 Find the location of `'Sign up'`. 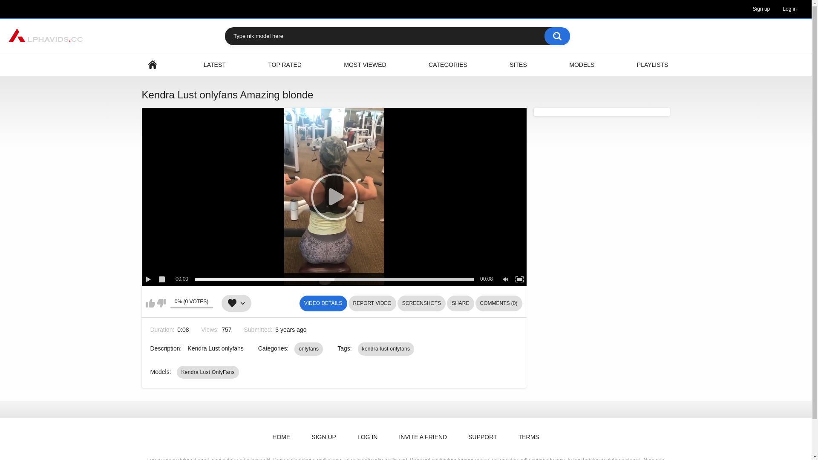

'Sign up' is located at coordinates (761, 9).